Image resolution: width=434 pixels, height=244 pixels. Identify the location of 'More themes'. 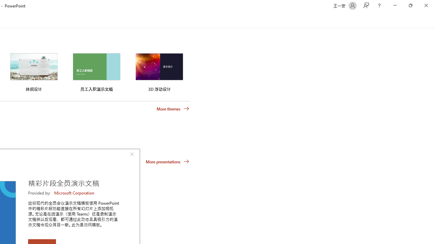
(173, 108).